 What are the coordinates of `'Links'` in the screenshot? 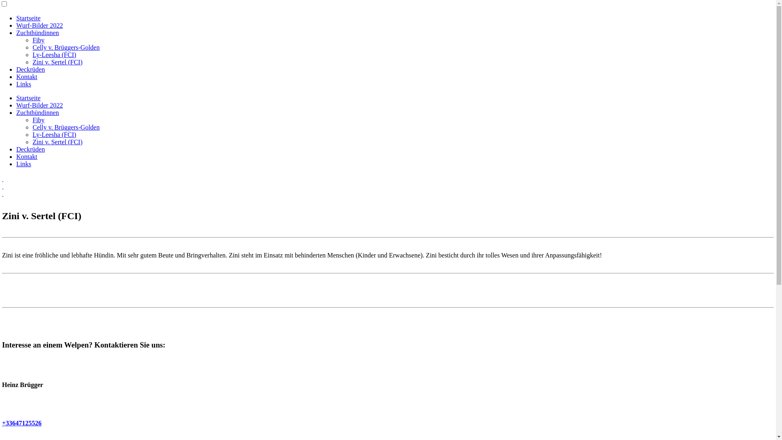 It's located at (23, 164).